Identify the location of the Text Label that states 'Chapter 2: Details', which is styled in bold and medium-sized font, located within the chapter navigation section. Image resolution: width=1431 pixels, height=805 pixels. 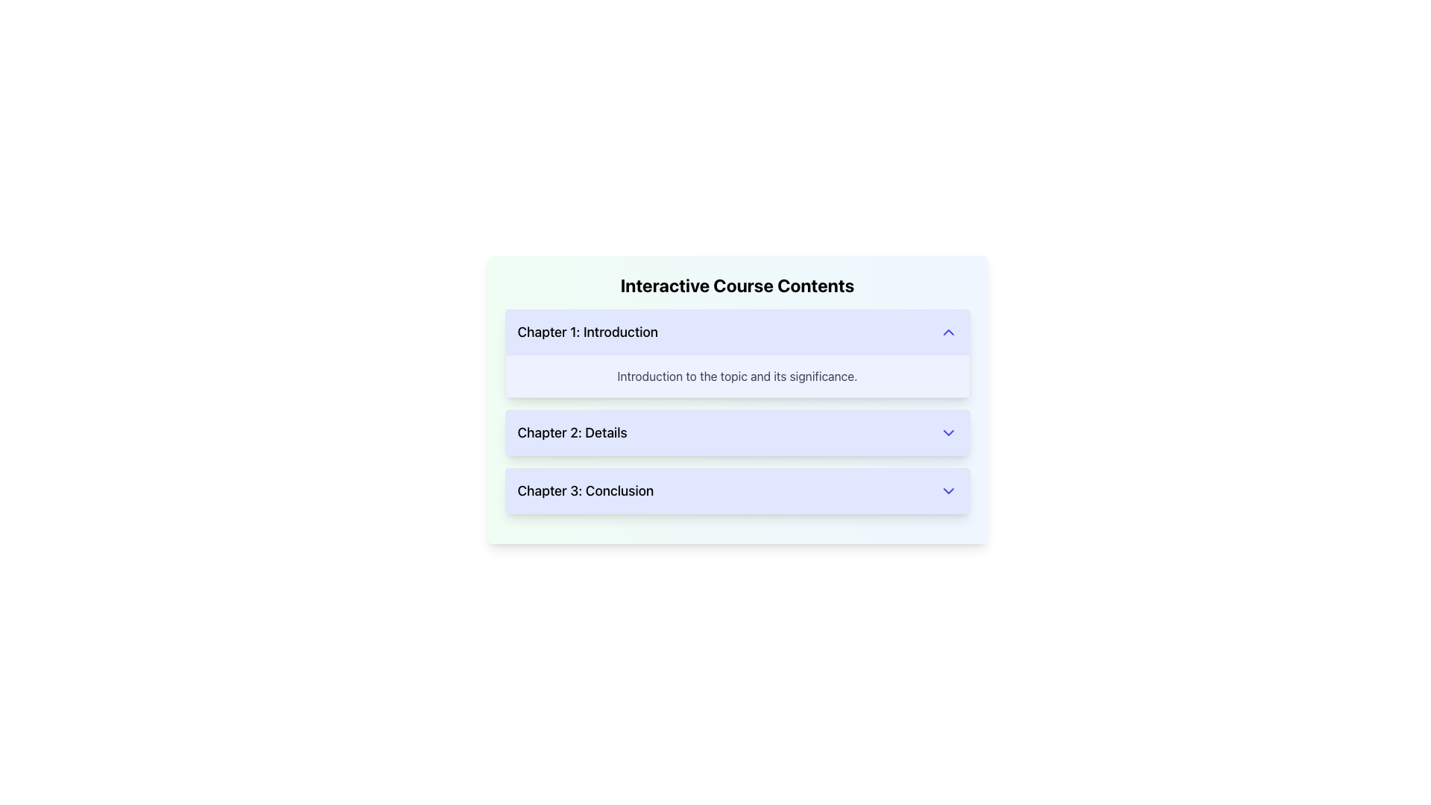
(572, 433).